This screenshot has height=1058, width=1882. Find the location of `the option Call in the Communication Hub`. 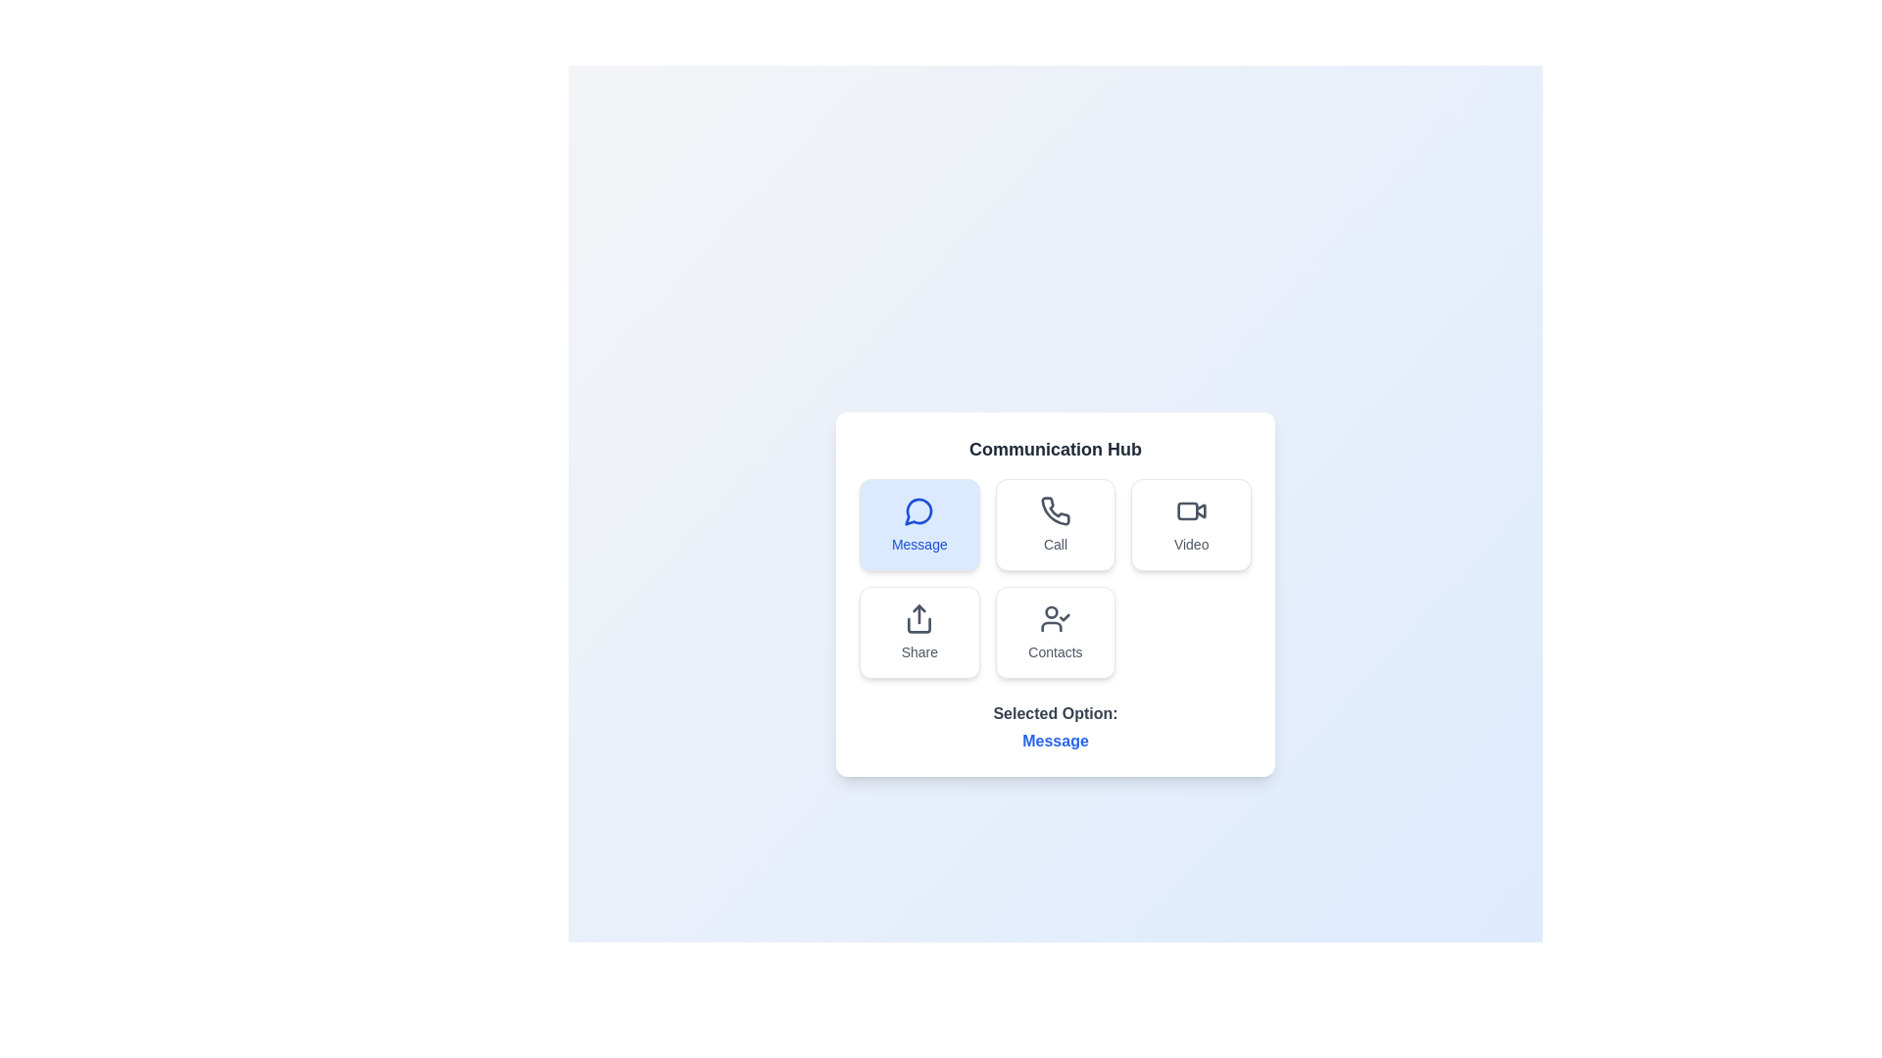

the option Call in the Communication Hub is located at coordinates (1054, 524).